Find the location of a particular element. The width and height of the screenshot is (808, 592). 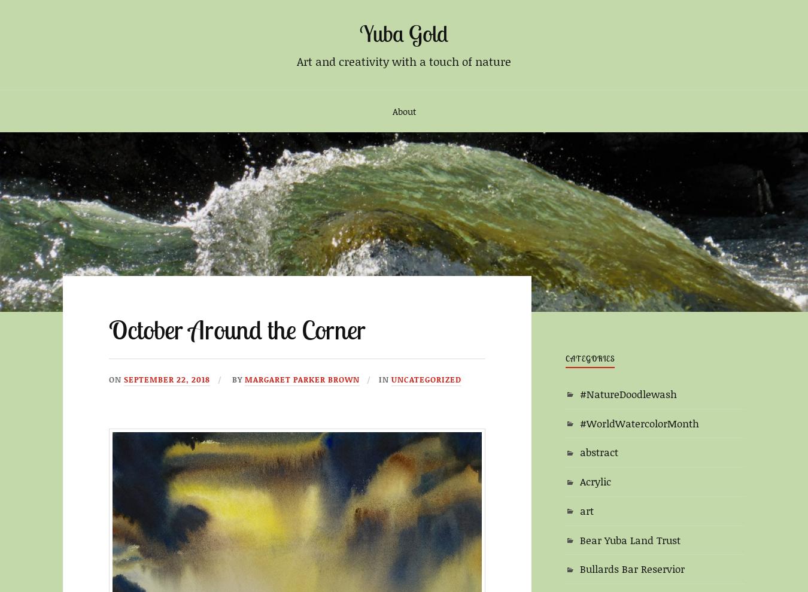

'#WorldWatercolorMonth' is located at coordinates (639, 422).